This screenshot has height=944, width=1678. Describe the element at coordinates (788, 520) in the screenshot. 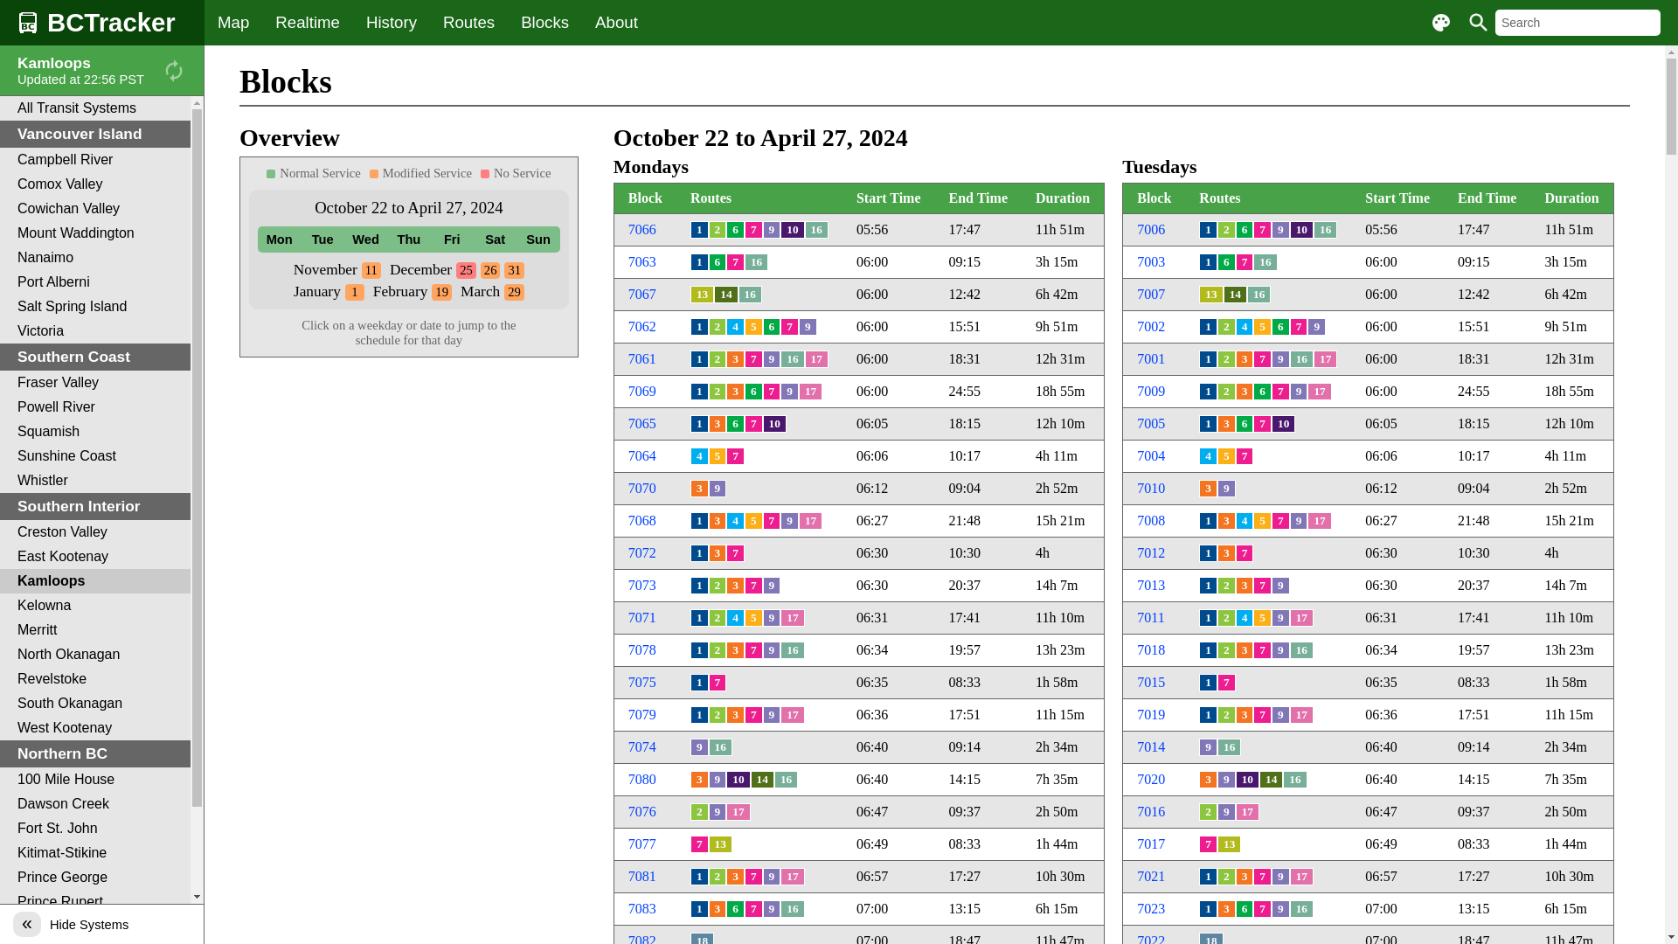

I see `'9'` at that location.